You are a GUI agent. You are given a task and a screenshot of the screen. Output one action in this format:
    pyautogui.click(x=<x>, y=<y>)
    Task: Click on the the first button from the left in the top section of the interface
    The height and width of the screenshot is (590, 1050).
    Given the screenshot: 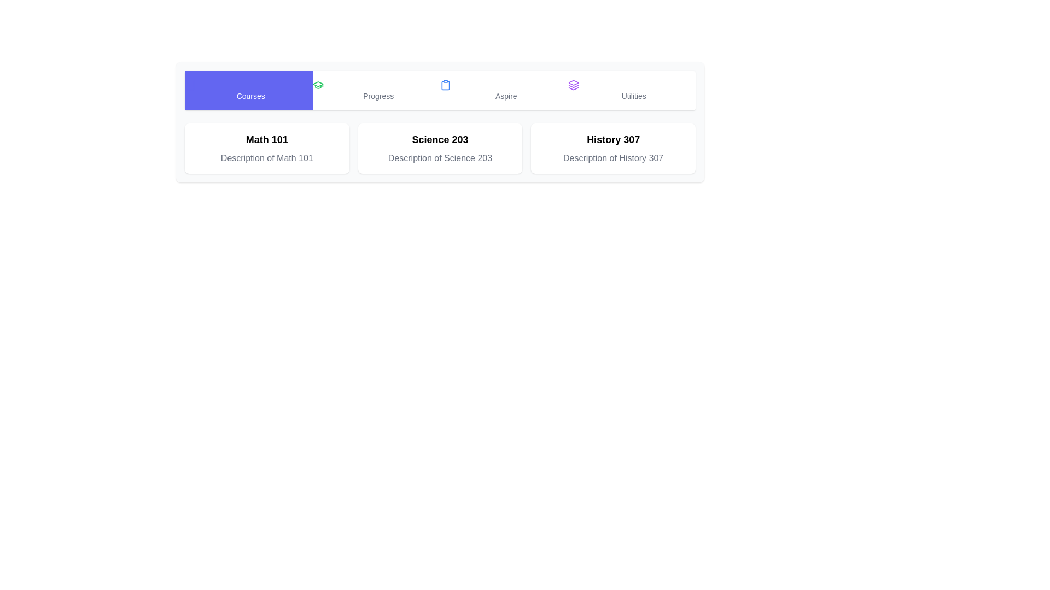 What is the action you would take?
    pyautogui.click(x=248, y=90)
    